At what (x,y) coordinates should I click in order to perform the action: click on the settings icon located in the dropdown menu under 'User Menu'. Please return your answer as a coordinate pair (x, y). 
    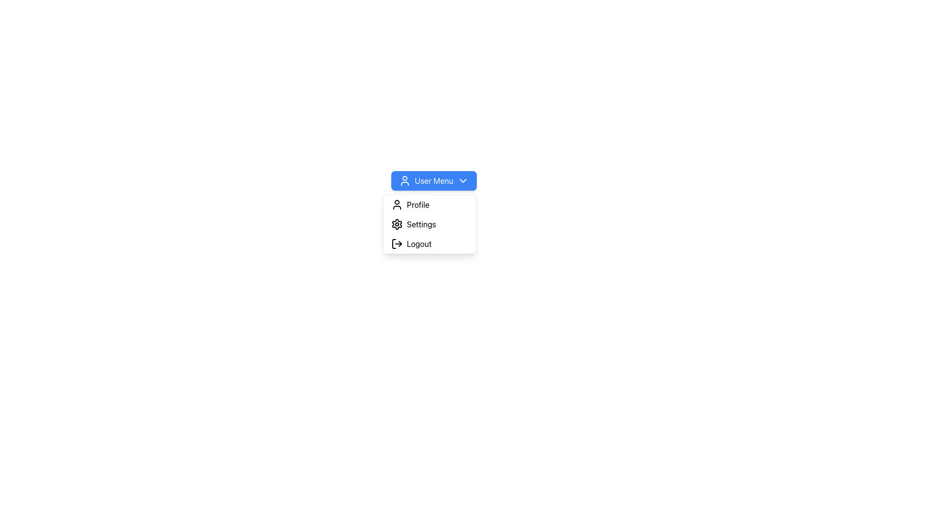
    Looking at the image, I should click on (397, 224).